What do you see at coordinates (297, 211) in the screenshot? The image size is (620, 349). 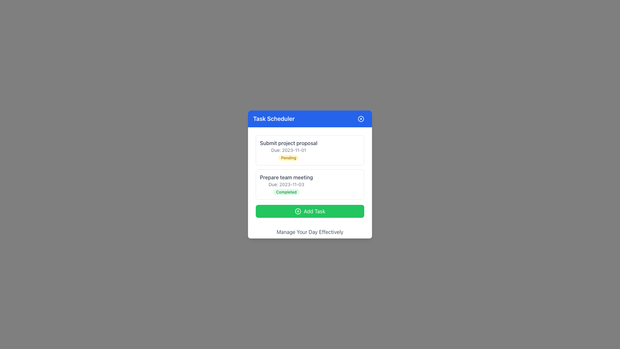 I see `the circular icon with a plus sign located in the center of the green 'Add Task' button at the bottom of the task management interface` at bounding box center [297, 211].